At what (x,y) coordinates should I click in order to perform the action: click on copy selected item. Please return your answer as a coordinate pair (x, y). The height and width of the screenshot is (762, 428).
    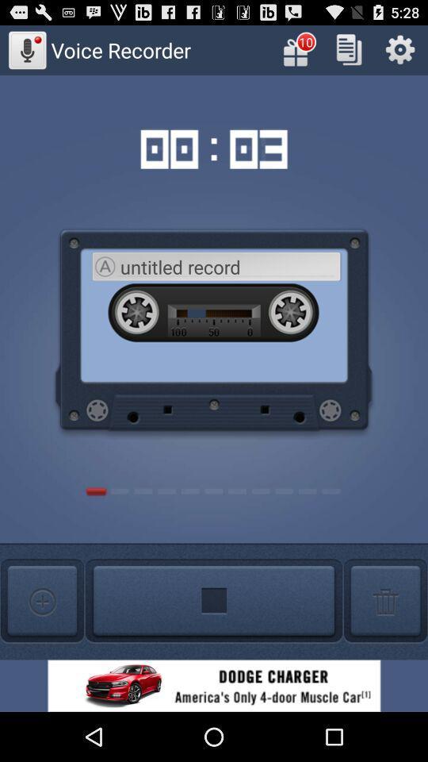
    Looking at the image, I should click on (349, 49).